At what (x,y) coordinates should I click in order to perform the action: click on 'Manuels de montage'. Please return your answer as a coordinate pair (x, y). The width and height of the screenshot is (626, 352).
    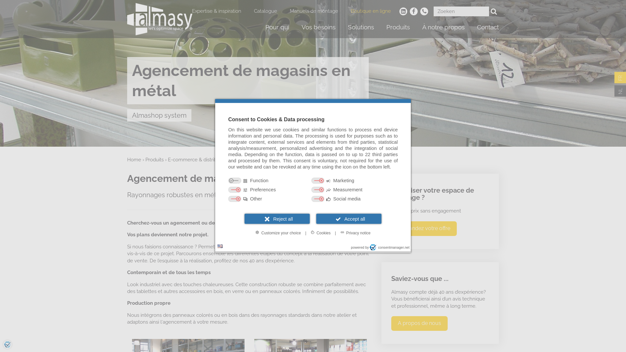
    Looking at the image, I should click on (289, 11).